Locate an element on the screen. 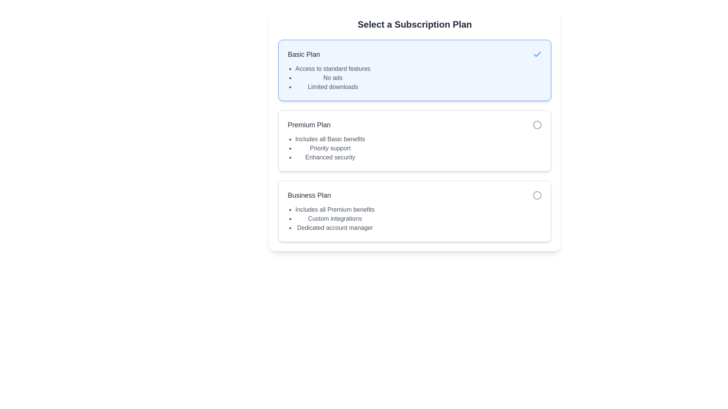 The width and height of the screenshot is (728, 409). the 'No ads' text label, which is the second item in the bulleted list under the 'Basic Plan' description is located at coordinates (333, 78).